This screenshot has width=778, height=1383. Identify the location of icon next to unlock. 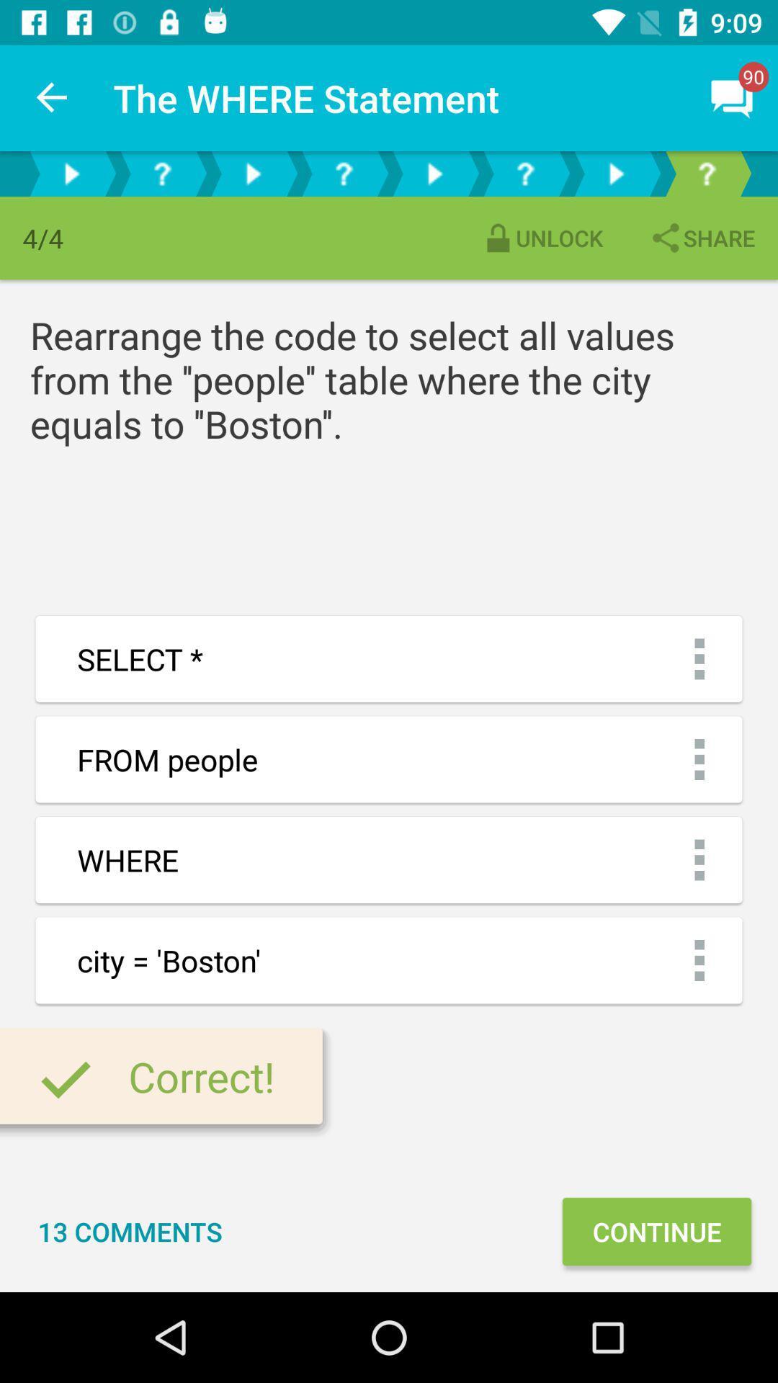
(701, 238).